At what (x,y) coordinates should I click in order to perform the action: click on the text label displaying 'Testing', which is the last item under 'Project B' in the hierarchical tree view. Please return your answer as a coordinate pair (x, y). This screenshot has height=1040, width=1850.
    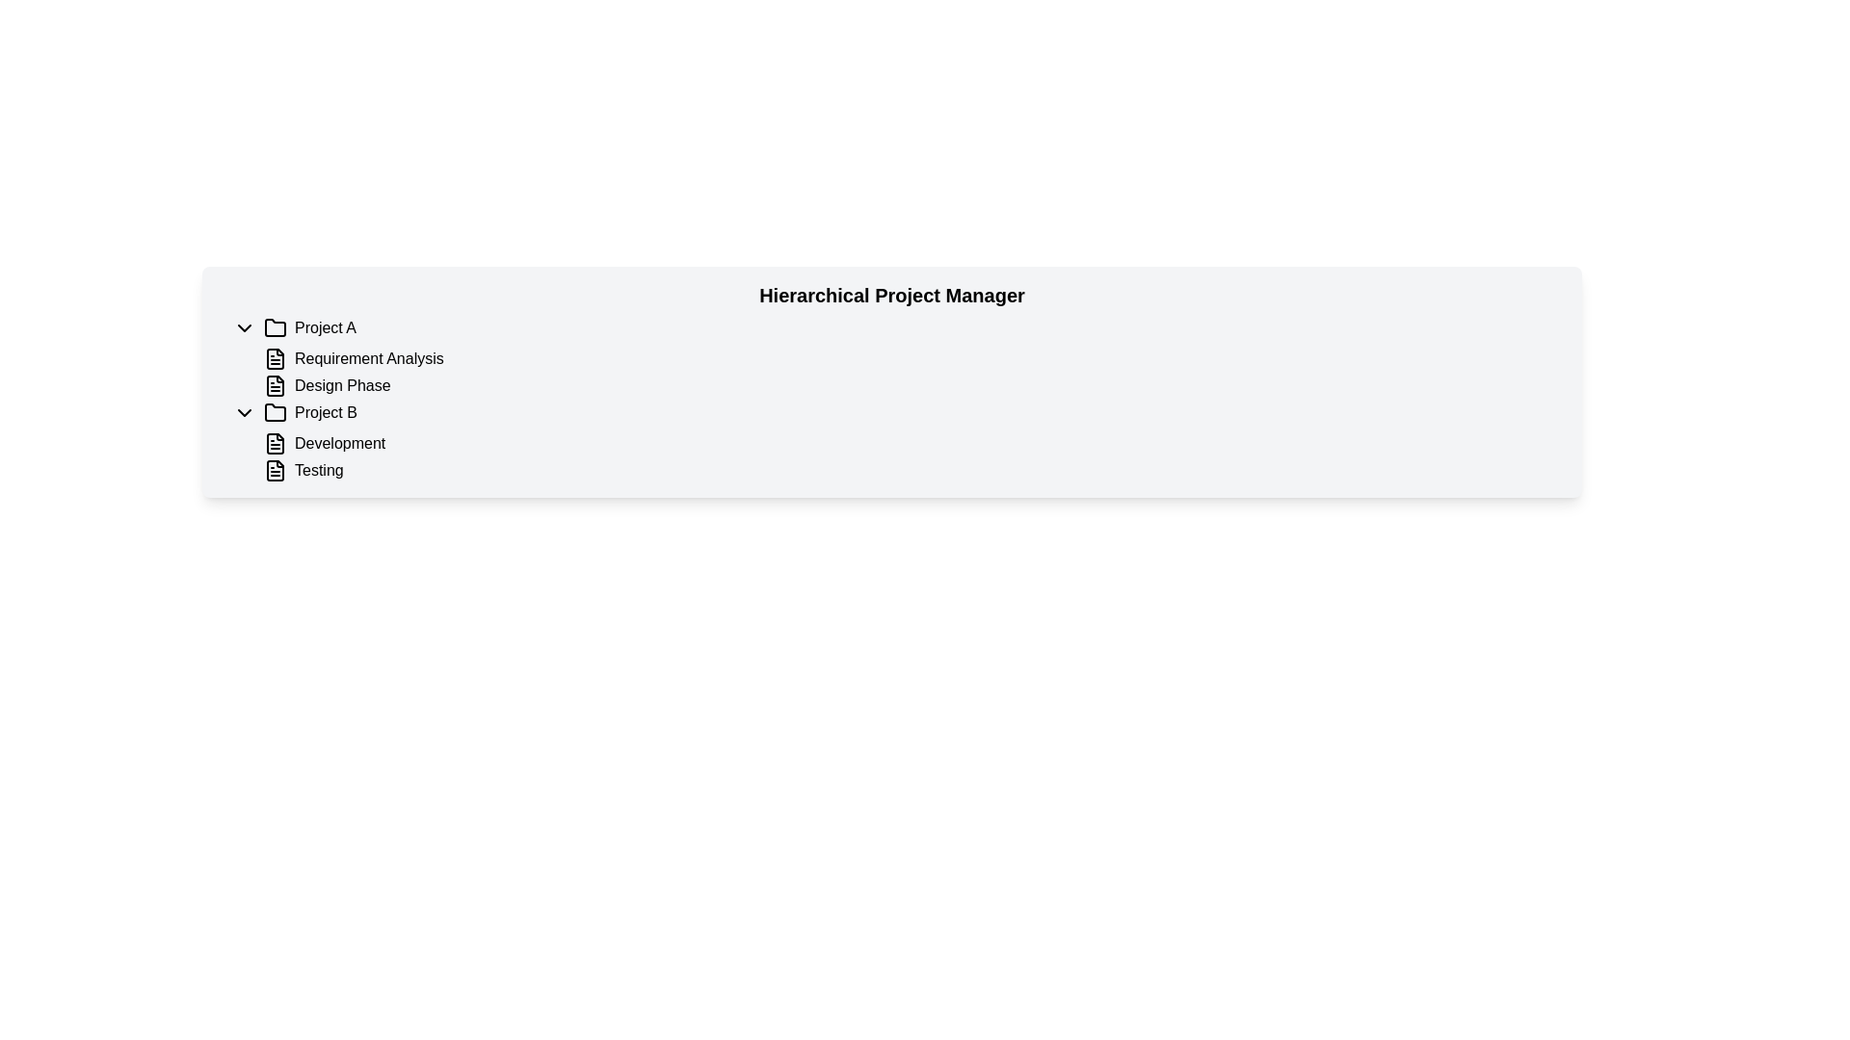
    Looking at the image, I should click on (319, 471).